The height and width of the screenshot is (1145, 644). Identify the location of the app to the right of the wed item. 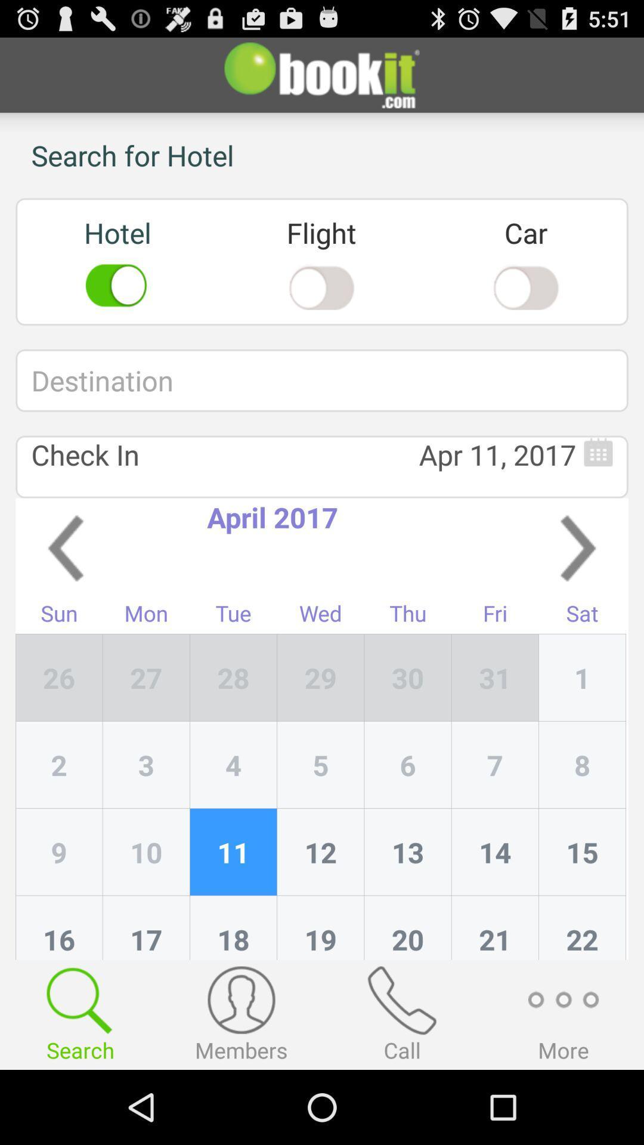
(407, 616).